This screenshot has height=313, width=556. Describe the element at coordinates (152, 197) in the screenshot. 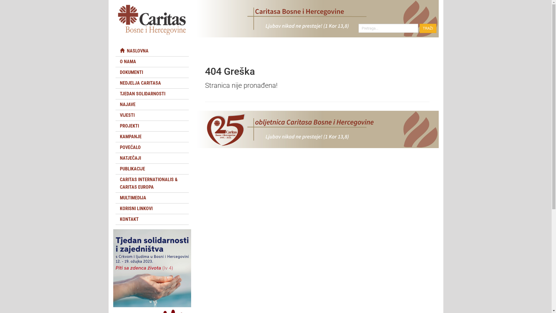

I see `'MULTIMEDIJA'` at that location.